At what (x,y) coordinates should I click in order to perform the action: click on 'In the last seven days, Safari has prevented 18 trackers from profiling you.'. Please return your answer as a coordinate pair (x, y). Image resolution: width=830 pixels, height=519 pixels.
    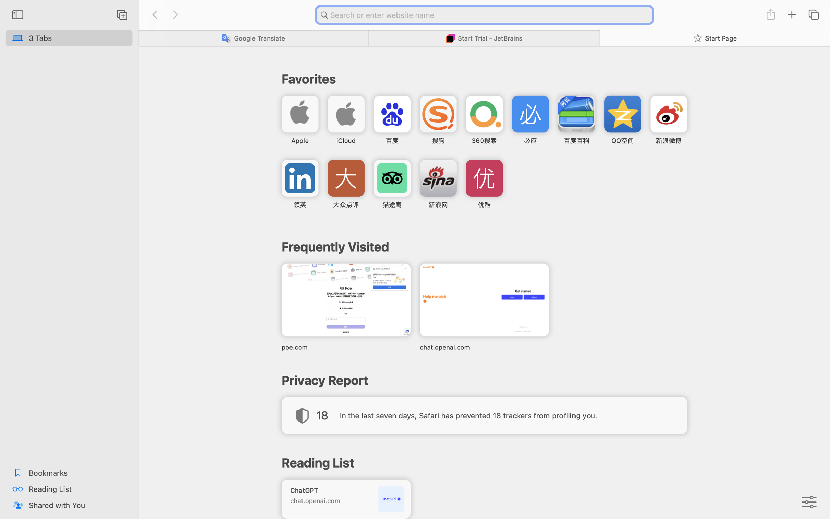
    Looking at the image, I should click on (468, 415).